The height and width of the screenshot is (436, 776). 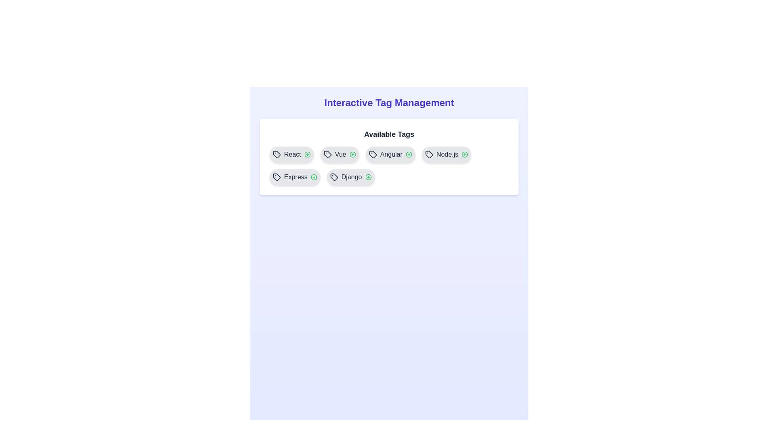 What do you see at coordinates (277, 177) in the screenshot?
I see `the 'Express' tag icon, which is a tag-shaped icon with a small circular detail, located in the first row, second column of the 'Available Tags' section` at bounding box center [277, 177].